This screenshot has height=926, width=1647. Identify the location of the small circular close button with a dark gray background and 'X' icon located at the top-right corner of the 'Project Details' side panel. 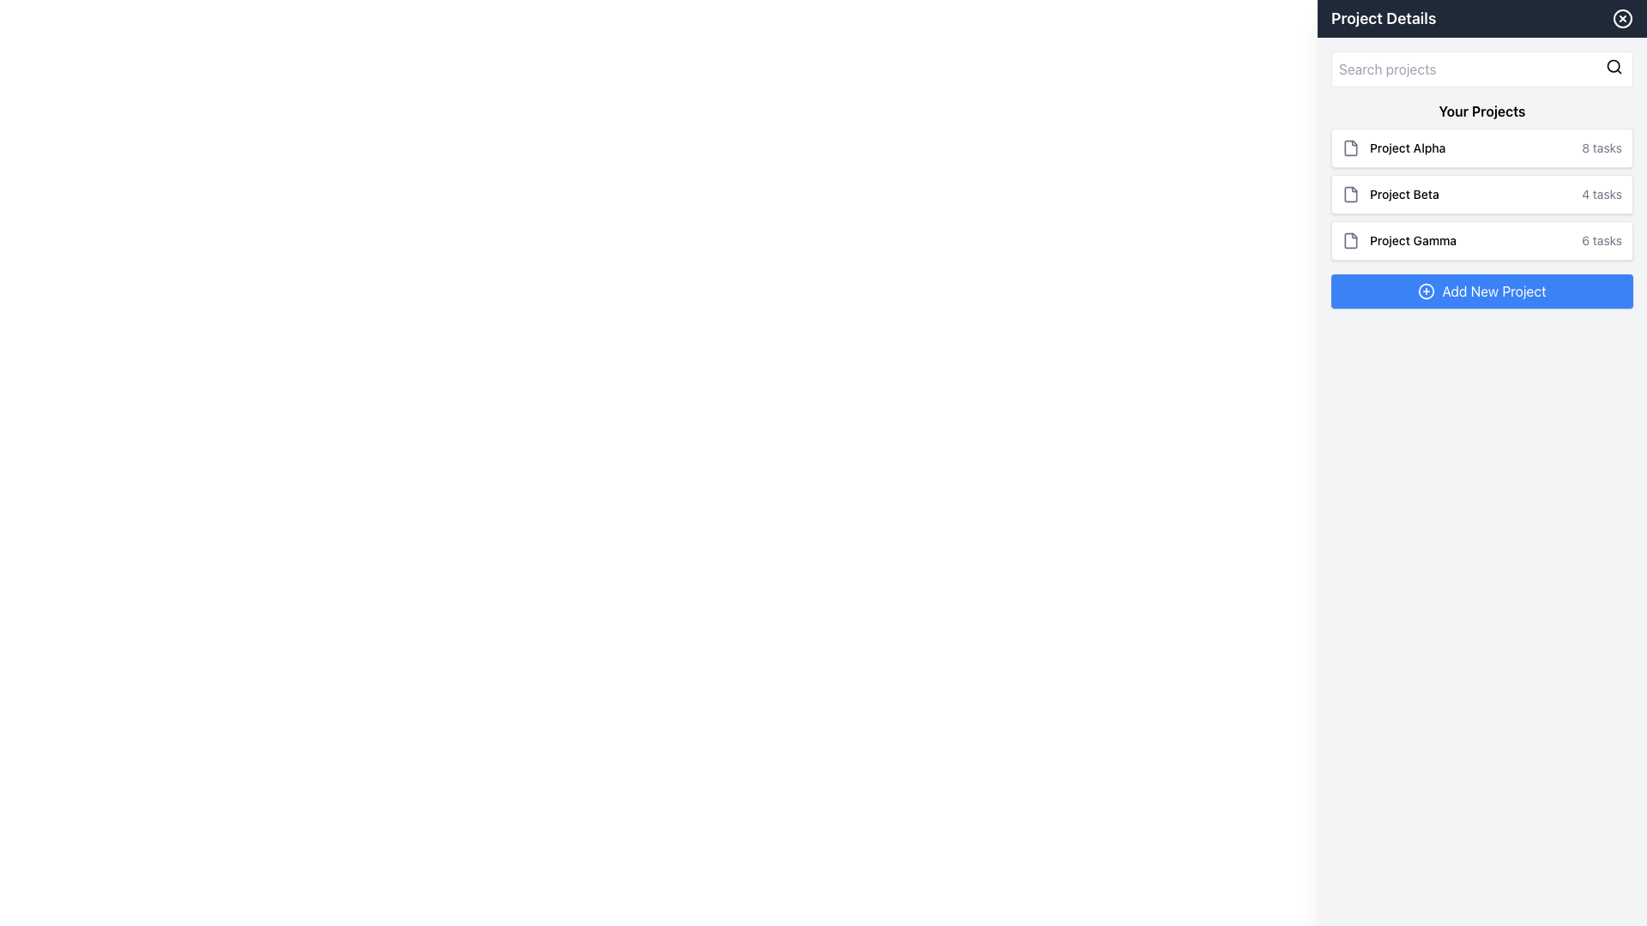
(1614, 30).